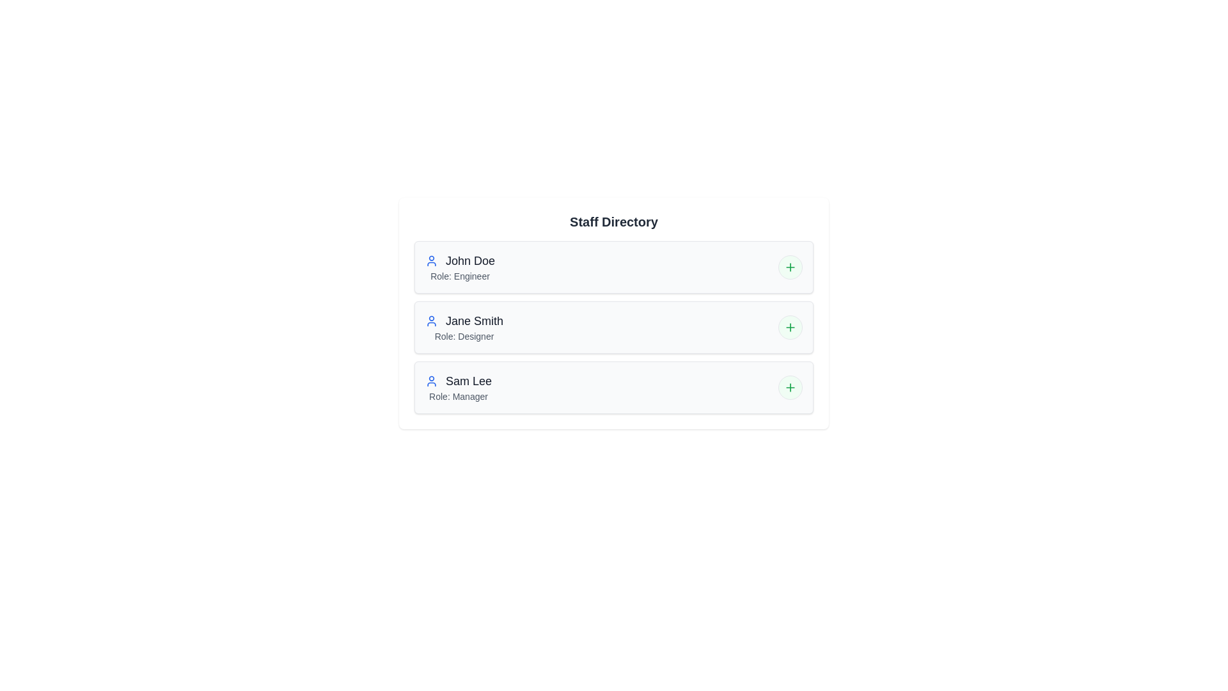 Image resolution: width=1228 pixels, height=691 pixels. Describe the element at coordinates (425, 251) in the screenshot. I see `the text of the staff member John Doe` at that location.